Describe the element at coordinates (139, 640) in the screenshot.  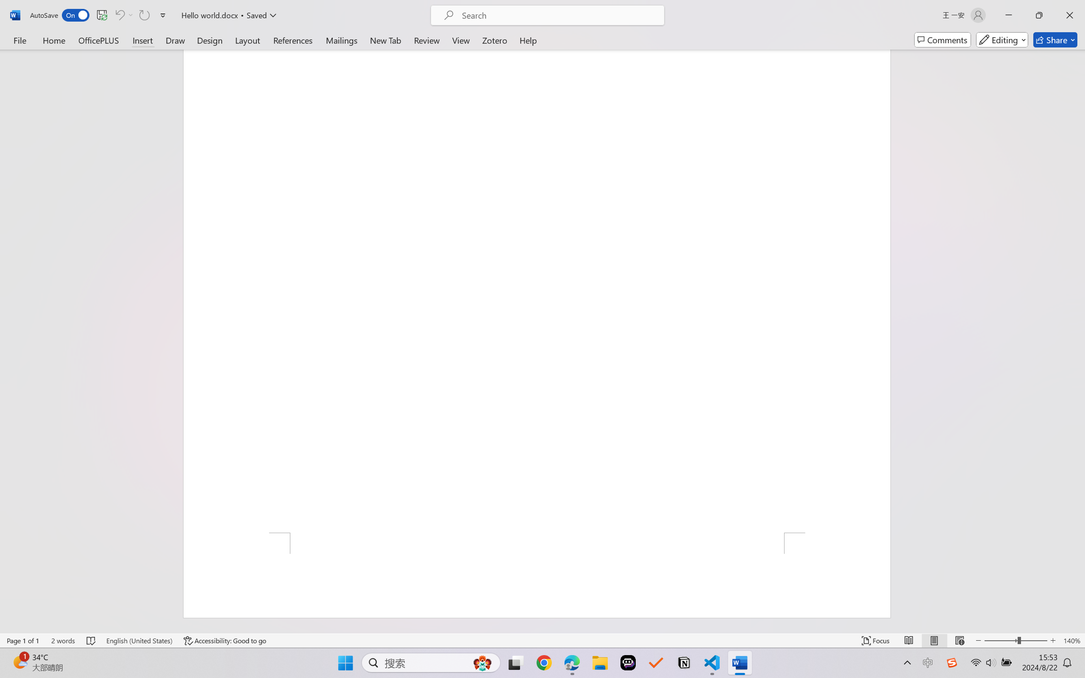
I see `'Language English (United States)'` at that location.